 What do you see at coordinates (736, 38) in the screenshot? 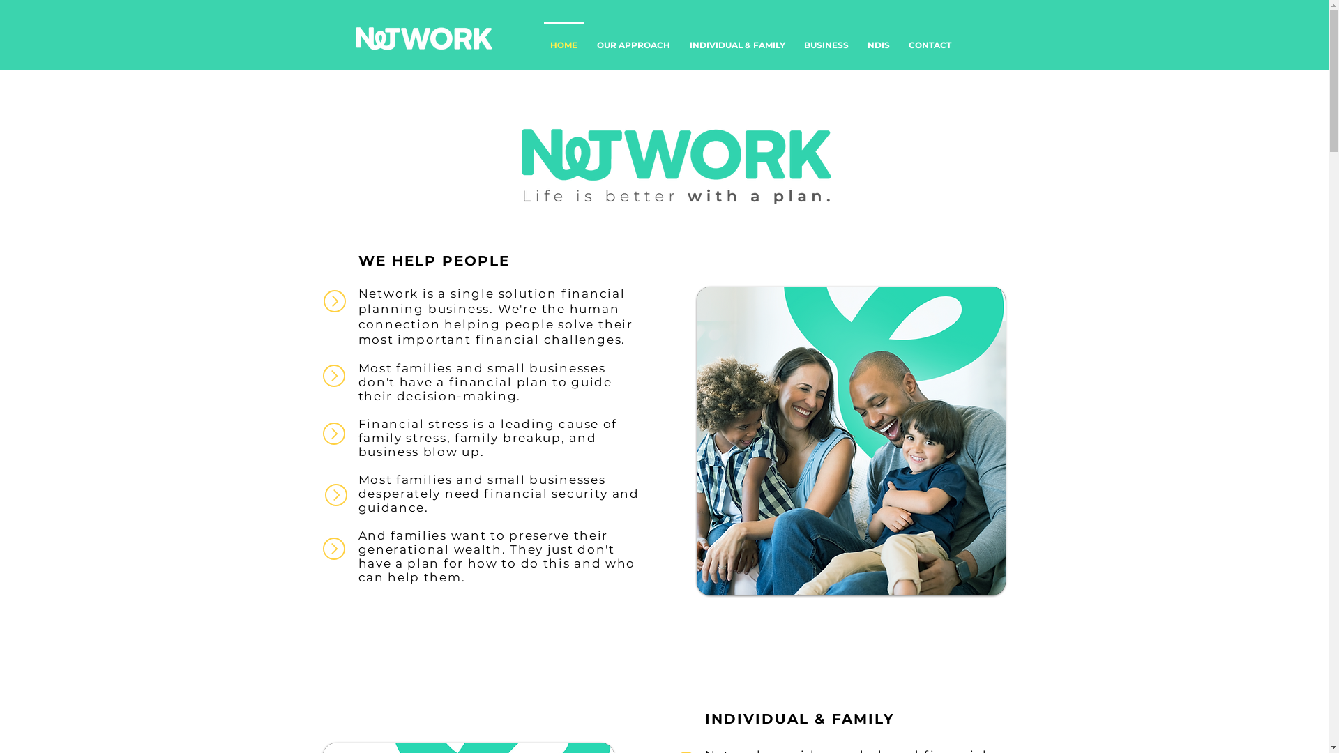
I see `'INDIVIDUAL & FAMILY'` at bounding box center [736, 38].